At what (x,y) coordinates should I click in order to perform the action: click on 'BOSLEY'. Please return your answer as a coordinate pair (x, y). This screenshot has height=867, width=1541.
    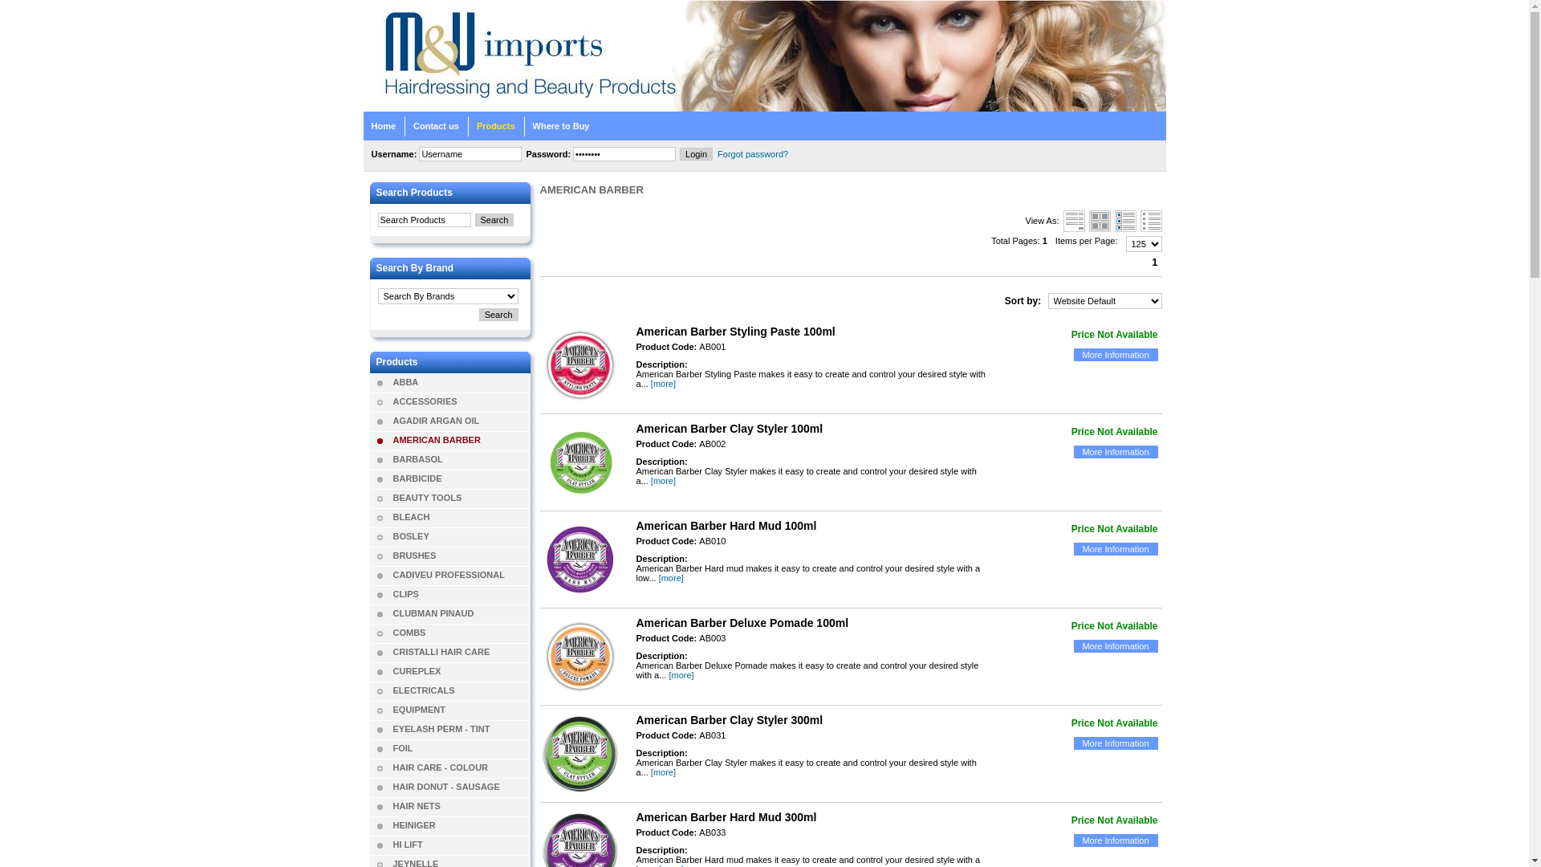
    Looking at the image, I should click on (460, 535).